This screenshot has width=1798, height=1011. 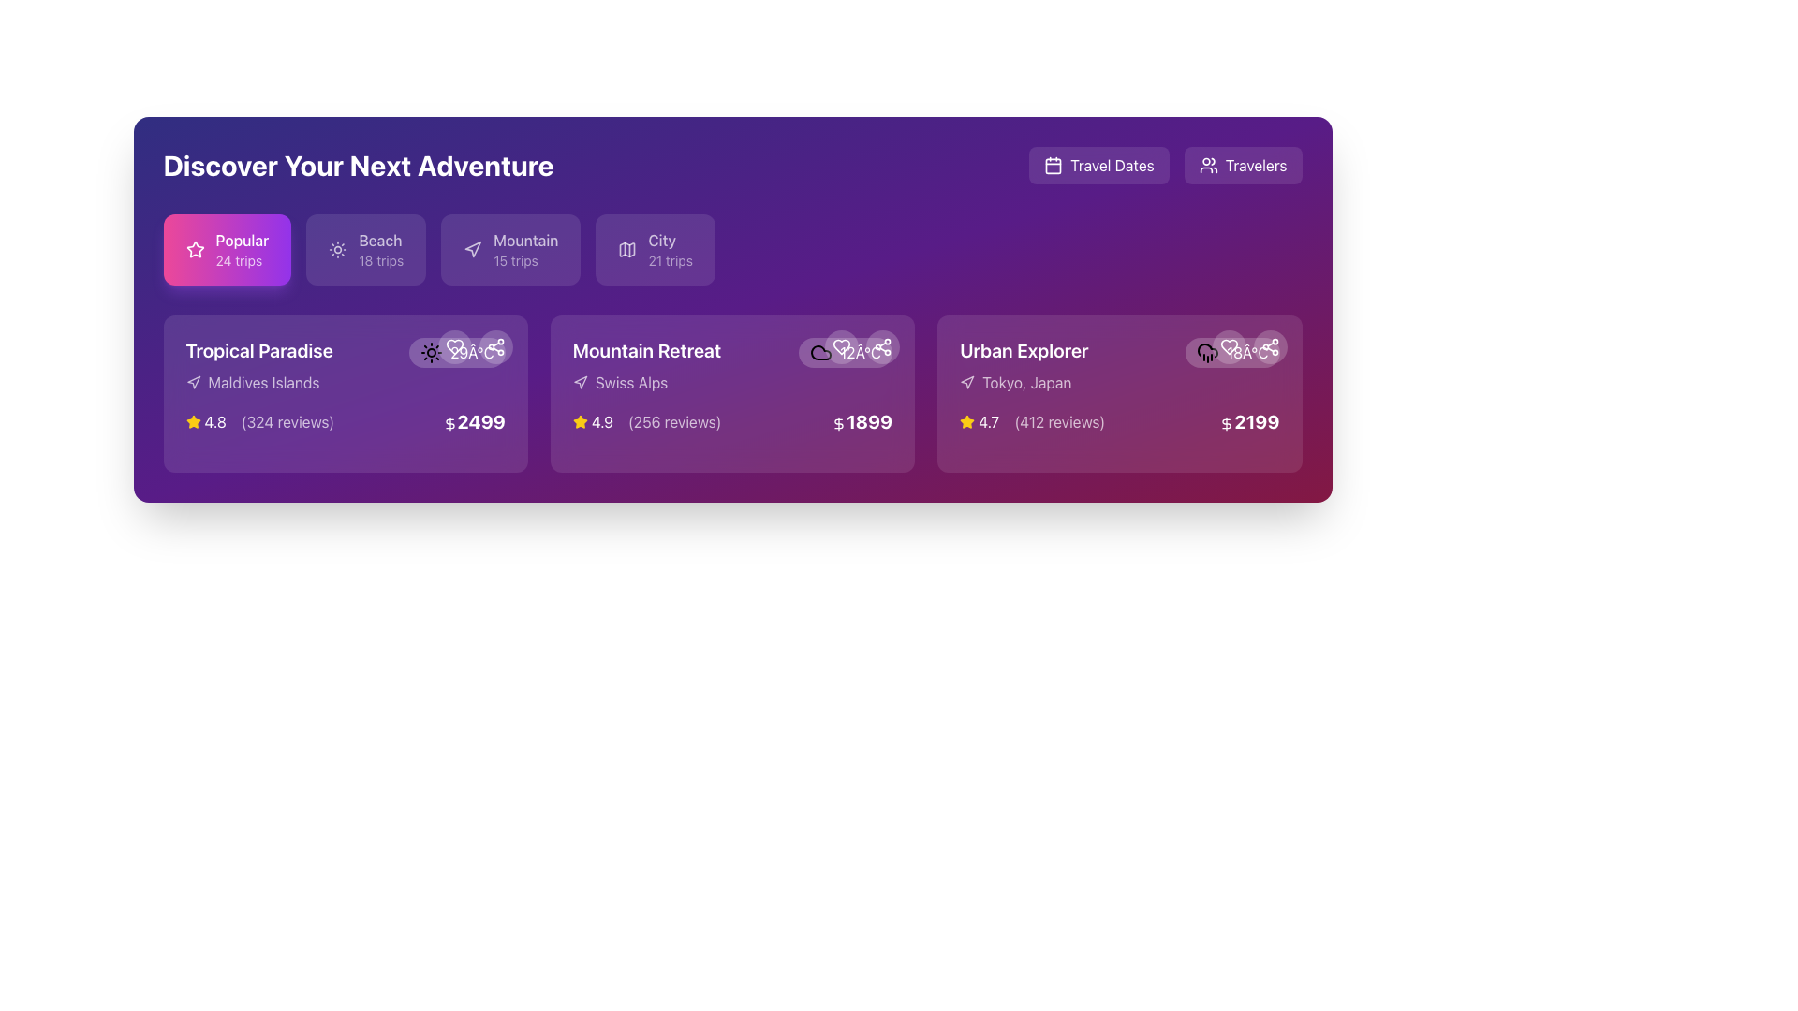 What do you see at coordinates (647, 422) in the screenshot?
I see `the text with icon component displaying the rating '4.9 (256 reviews)' in the 'Mountain Retreat' card, which is styled in yellow and white against a purple background` at bounding box center [647, 422].